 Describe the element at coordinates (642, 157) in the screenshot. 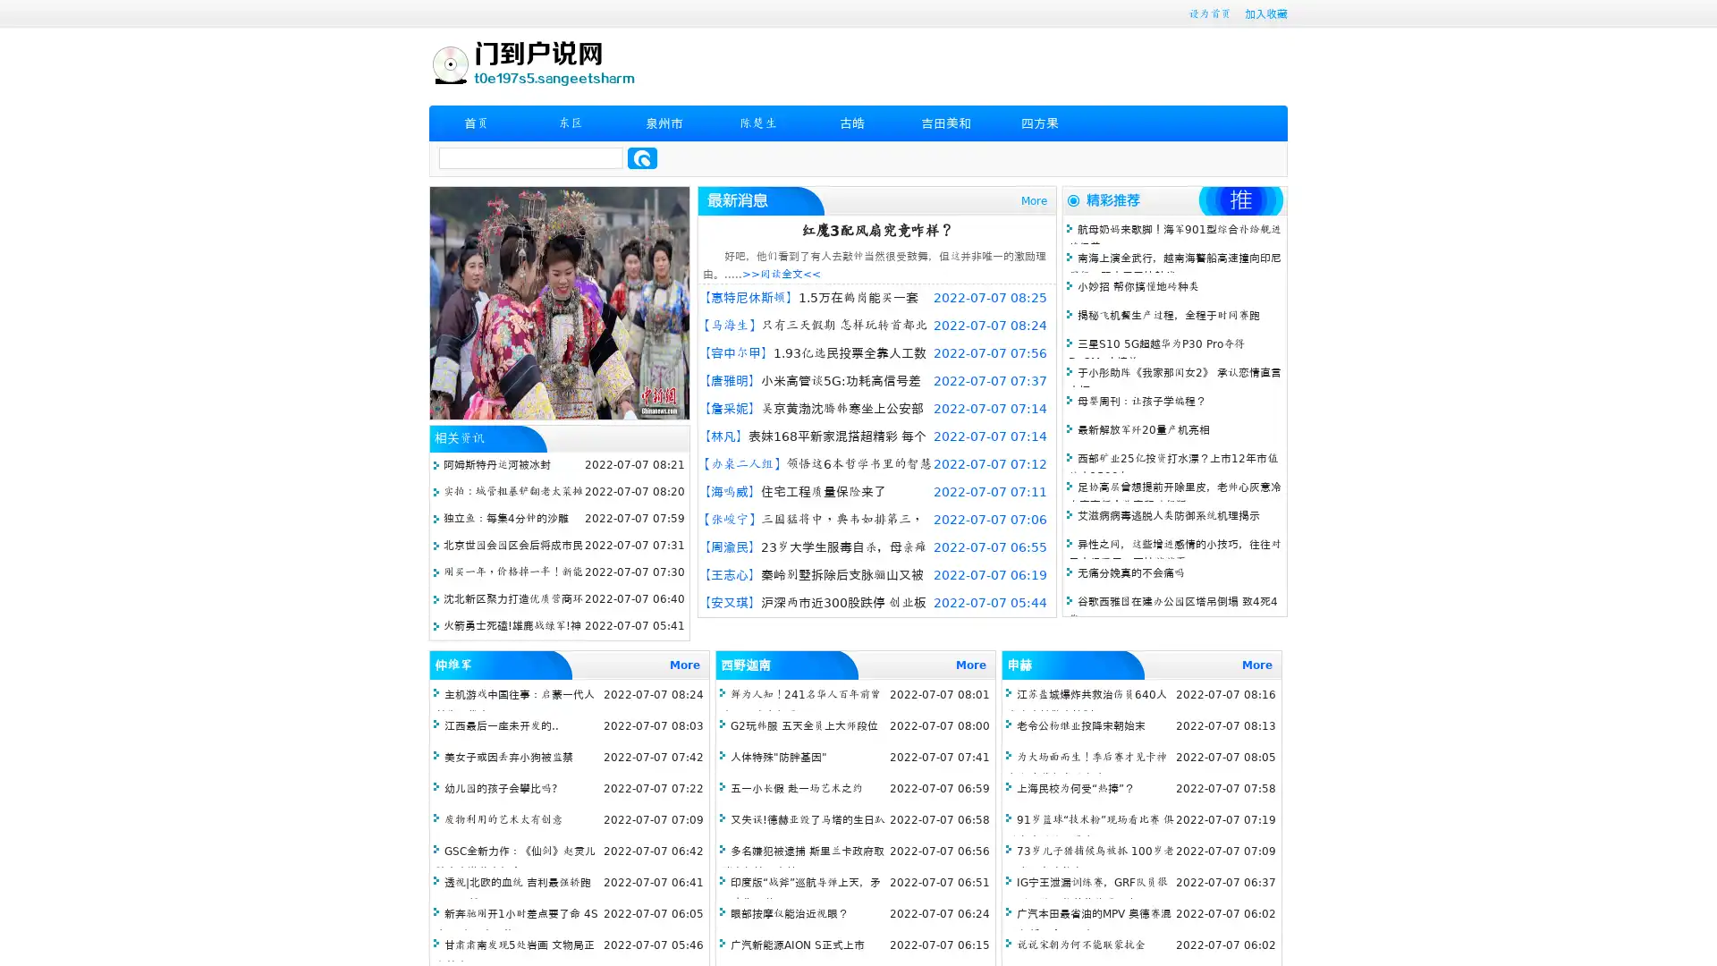

I see `Search` at that location.